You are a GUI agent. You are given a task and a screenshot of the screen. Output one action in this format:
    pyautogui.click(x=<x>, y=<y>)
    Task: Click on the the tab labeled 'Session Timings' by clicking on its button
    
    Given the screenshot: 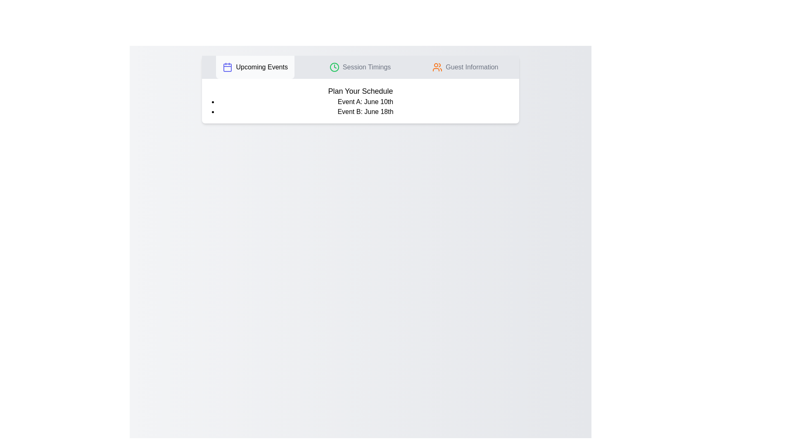 What is the action you would take?
    pyautogui.click(x=360, y=66)
    